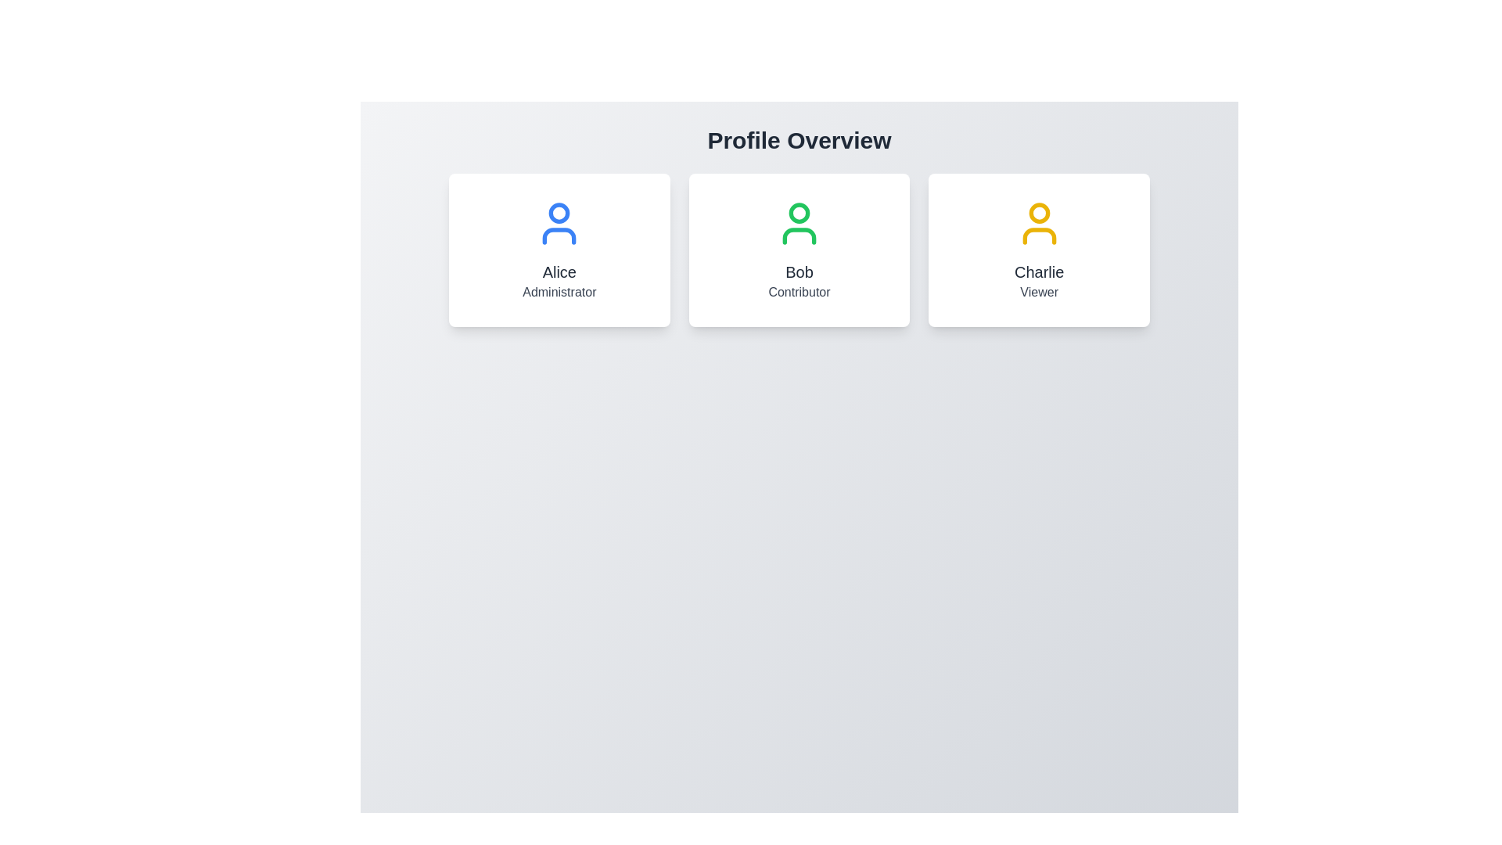 The width and height of the screenshot is (1502, 845). Describe the element at coordinates (800, 271) in the screenshot. I see `the text label reading 'Bob', which is styled in a larger font size and gray color, located beneath an icon and above the text 'Contributor' within a card layout` at that location.